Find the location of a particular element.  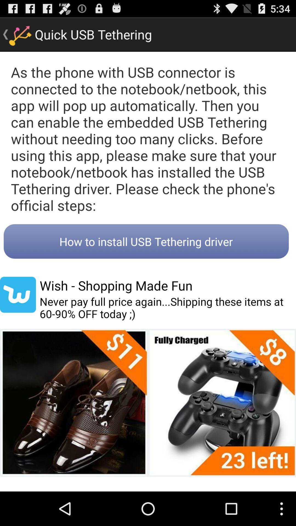

icon at the bottom is located at coordinates (148, 402).